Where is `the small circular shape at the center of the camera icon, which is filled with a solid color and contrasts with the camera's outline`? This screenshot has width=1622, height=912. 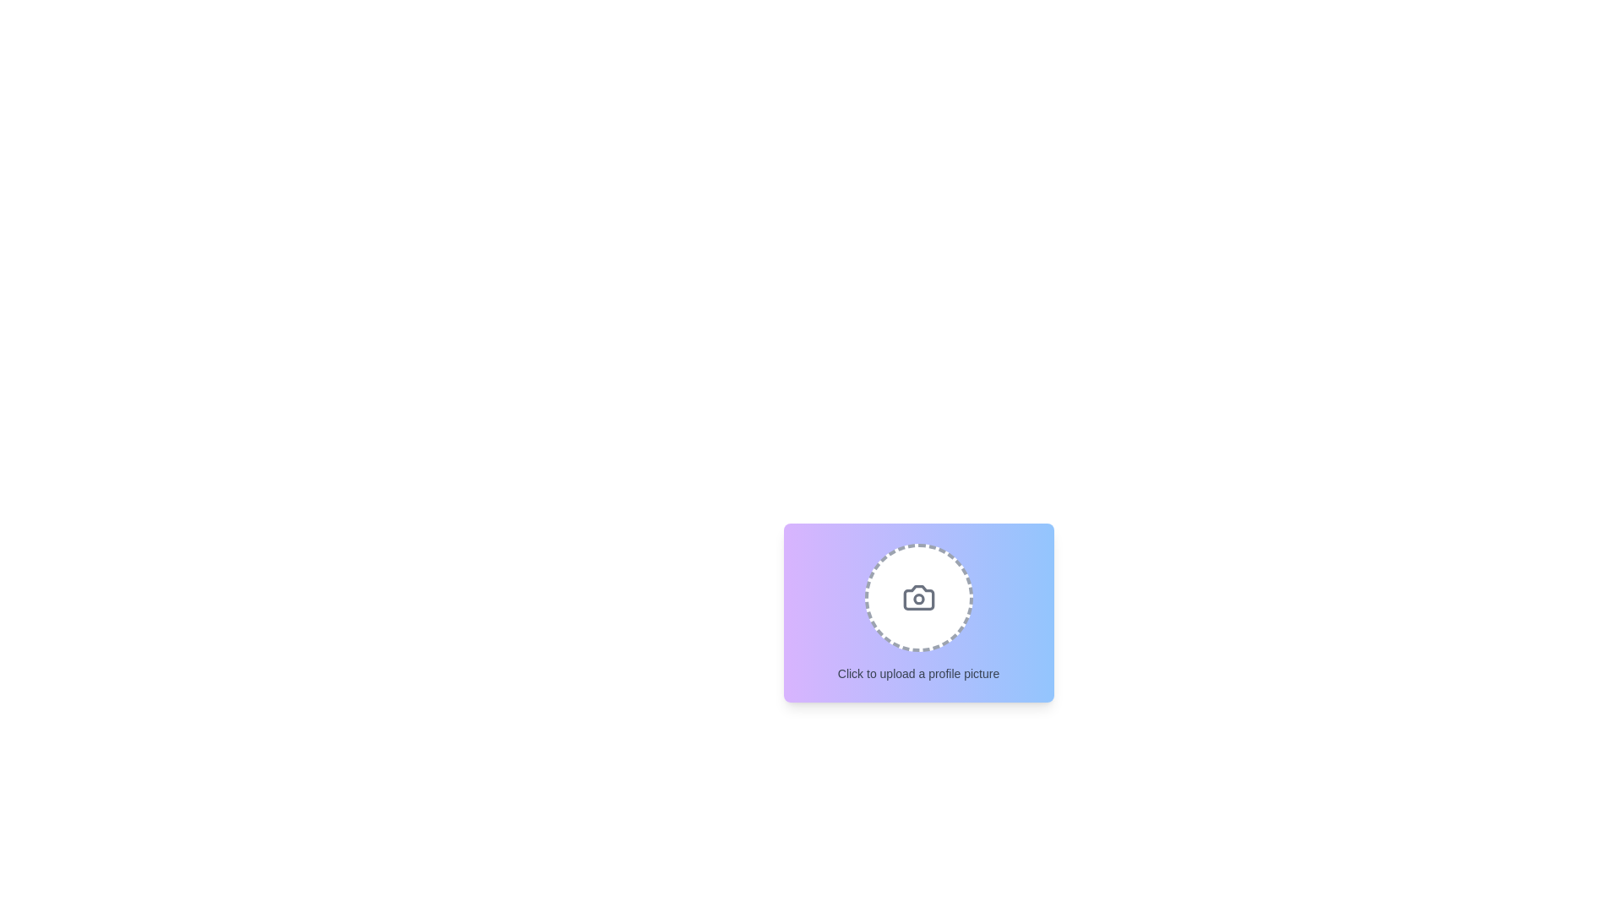
the small circular shape at the center of the camera icon, which is filled with a solid color and contrasts with the camera's outline is located at coordinates (917, 598).